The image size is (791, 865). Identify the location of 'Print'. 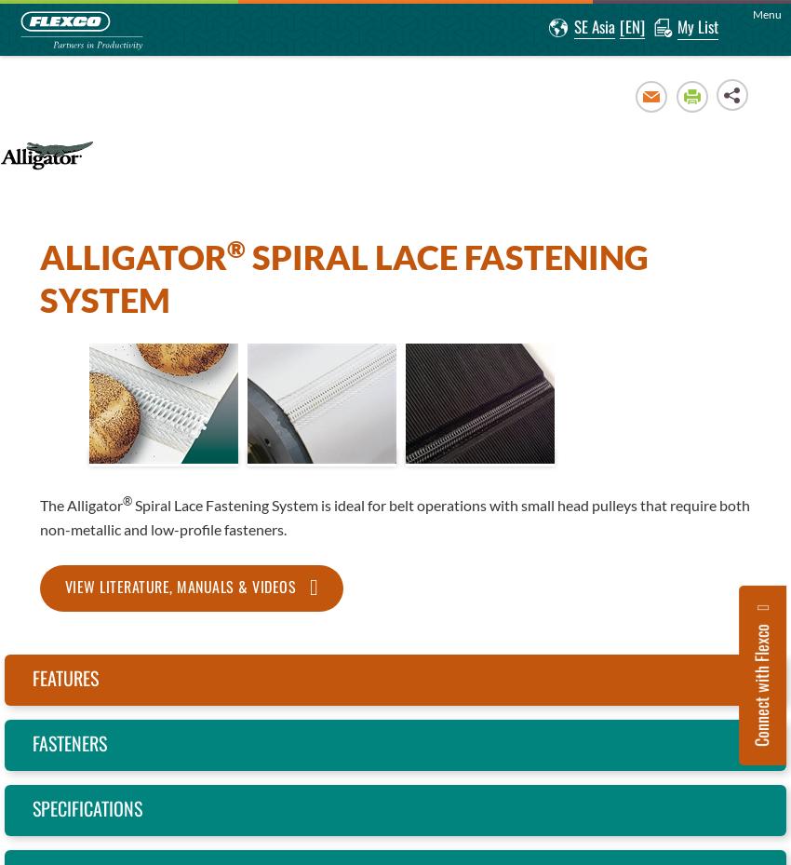
(691, 96).